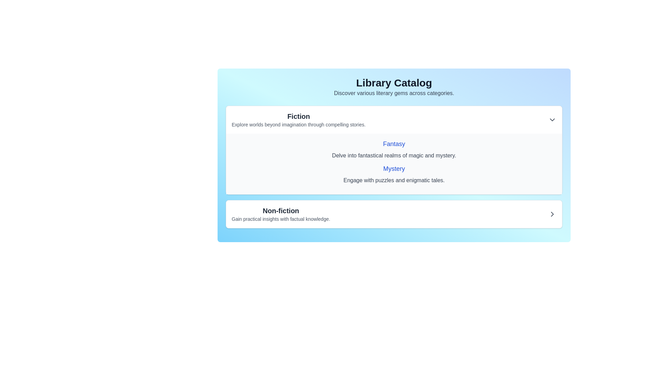 The width and height of the screenshot is (662, 372). I want to click on the rightwards chevron icon adjacent to the 'Non-fiction' section, so click(552, 214).